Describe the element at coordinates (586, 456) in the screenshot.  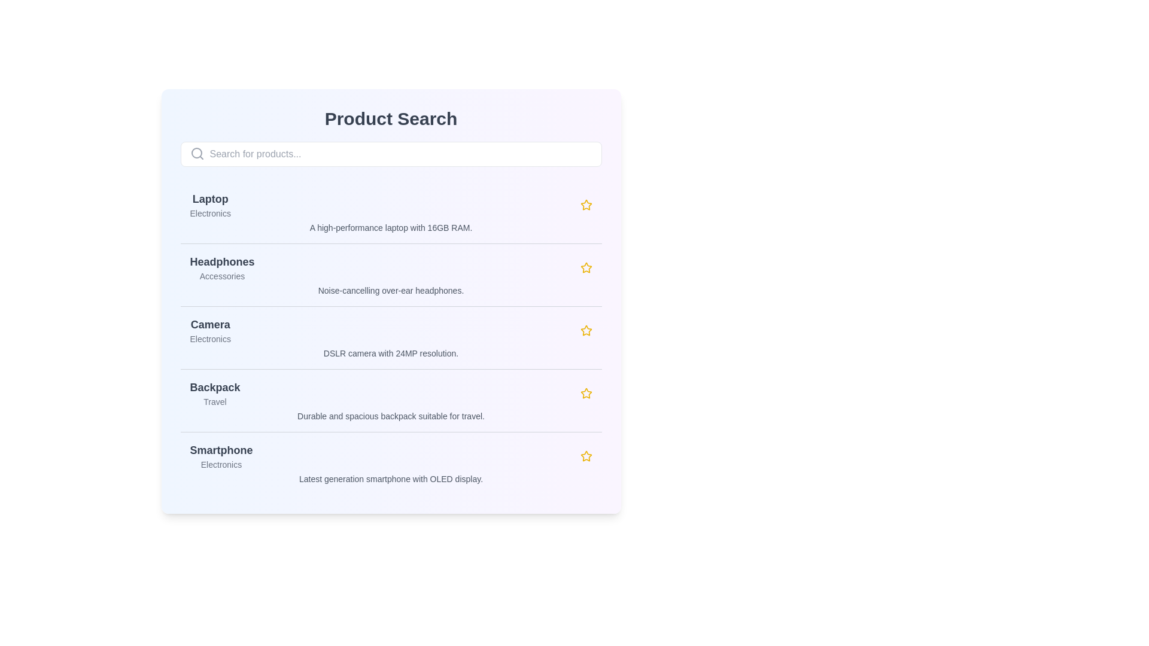
I see `the star icon at the end of the 'Smartphone' item row to mark it as a favorite` at that location.